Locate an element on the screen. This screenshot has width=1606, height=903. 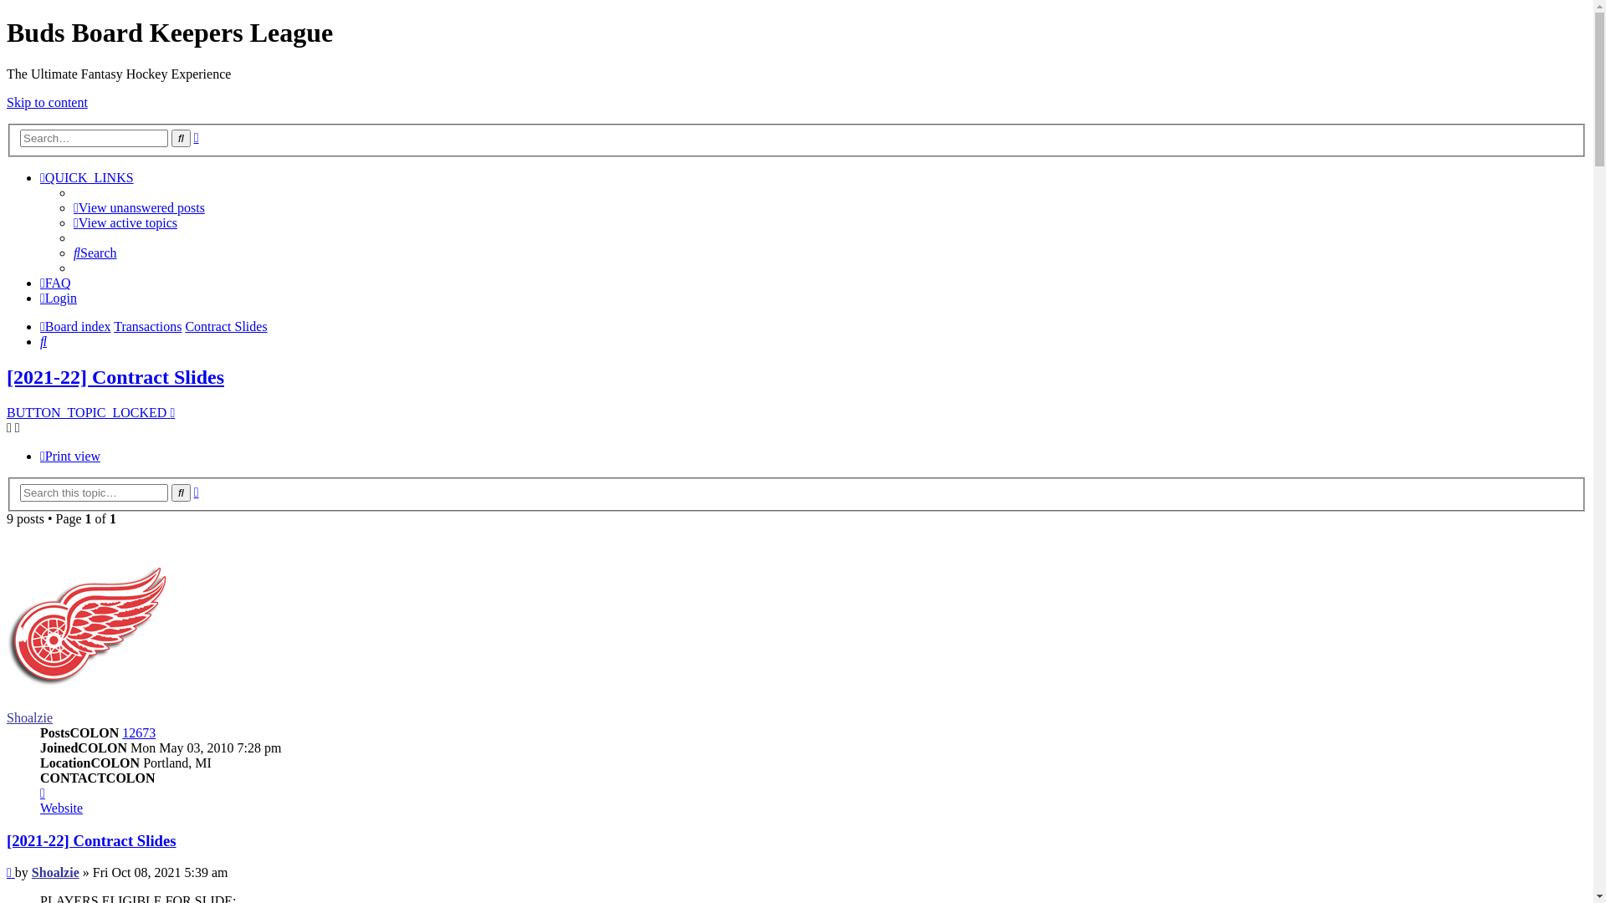
'Shoalzie' is located at coordinates (55, 871).